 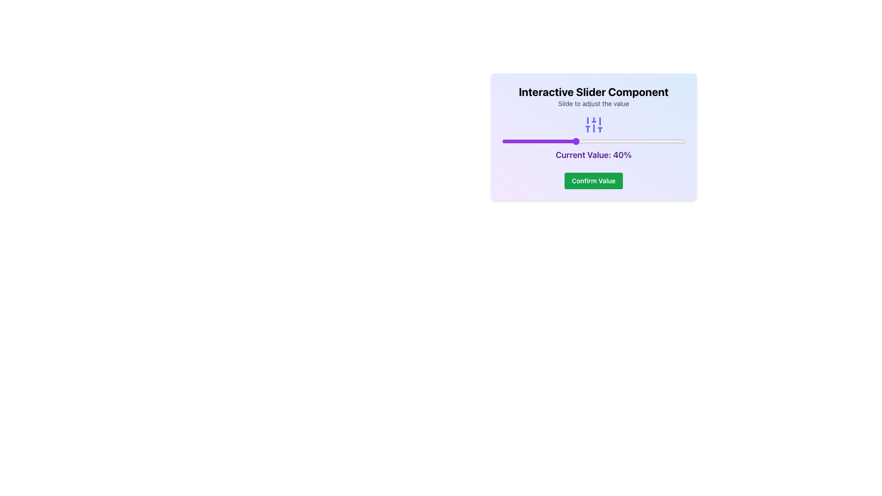 I want to click on the confirmation button located centrally beneath the text 'Current Value: 40%' to trigger a tooltip or style change, so click(x=594, y=180).